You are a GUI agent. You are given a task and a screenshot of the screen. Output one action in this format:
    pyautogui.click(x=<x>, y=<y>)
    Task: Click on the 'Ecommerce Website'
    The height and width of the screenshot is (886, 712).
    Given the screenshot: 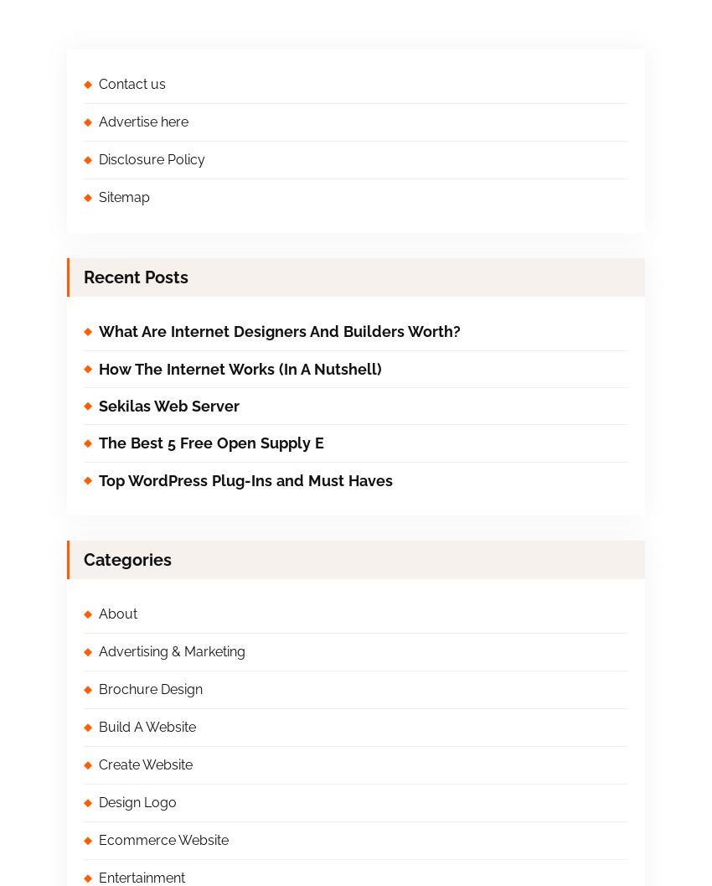 What is the action you would take?
    pyautogui.click(x=97, y=839)
    